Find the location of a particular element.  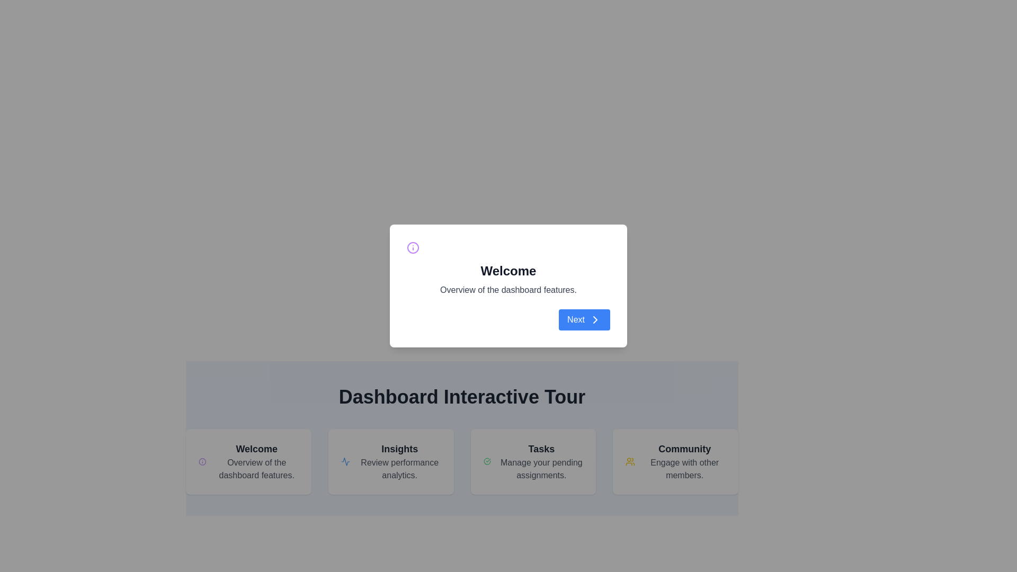

the 'Tasks' informative card, which is the third card in a grid layout and positioned between the 'Insights' and 'Community' cards is located at coordinates (533, 461).